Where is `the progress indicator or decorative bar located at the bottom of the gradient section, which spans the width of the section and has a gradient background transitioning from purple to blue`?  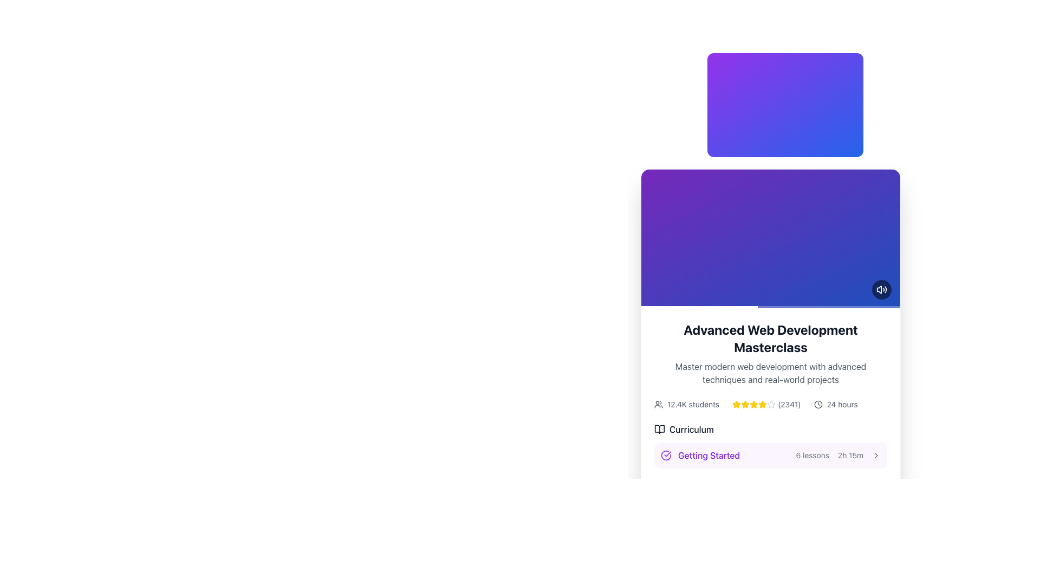
the progress indicator or decorative bar located at the bottom of the gradient section, which spans the width of the section and has a gradient background transitioning from purple to blue is located at coordinates (770, 307).